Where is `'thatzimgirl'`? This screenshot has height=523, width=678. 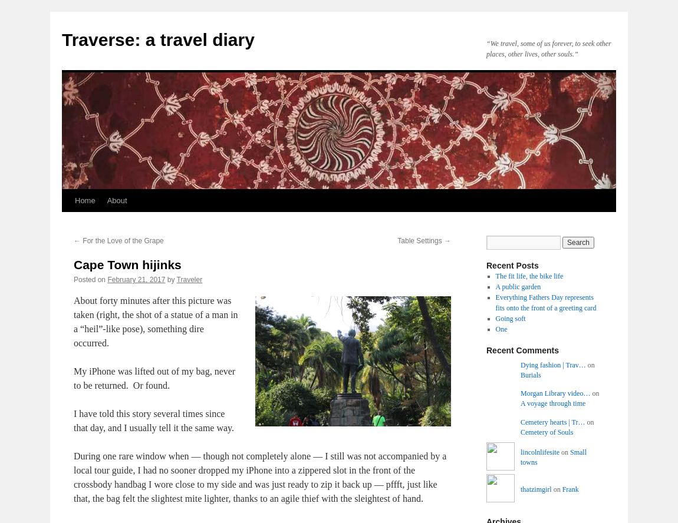
'thatzimgirl' is located at coordinates (535, 489).